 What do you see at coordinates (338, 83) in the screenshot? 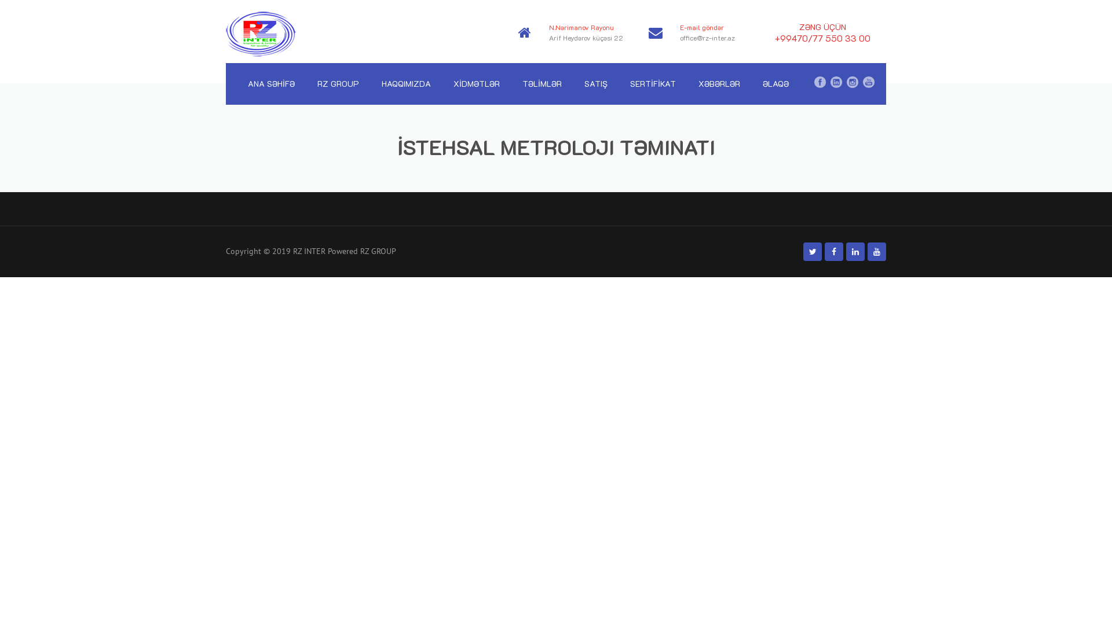
I see `'RZ GROUP'` at bounding box center [338, 83].